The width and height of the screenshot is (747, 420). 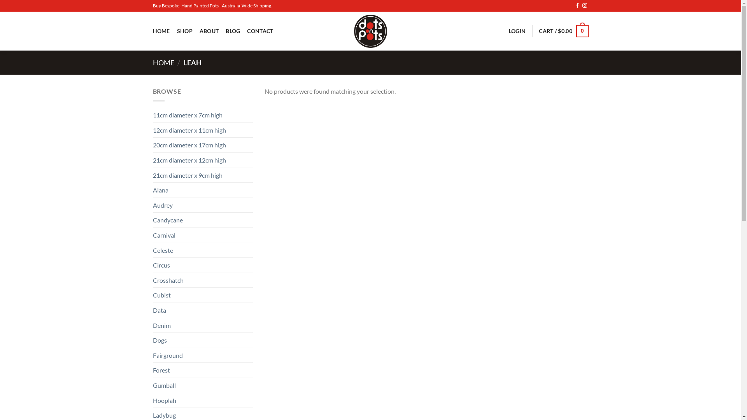 What do you see at coordinates (232, 30) in the screenshot?
I see `'BLOG'` at bounding box center [232, 30].